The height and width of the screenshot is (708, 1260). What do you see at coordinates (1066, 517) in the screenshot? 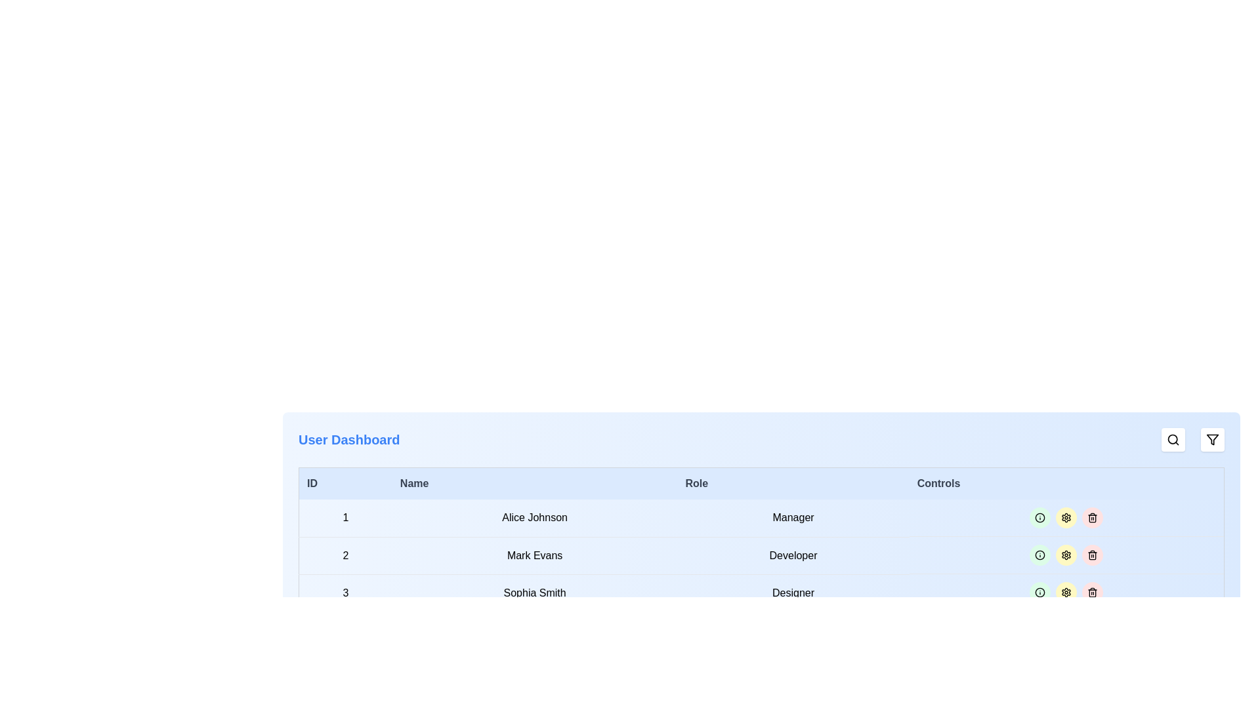
I see `the Settings icon (gear) located in the top-right of the user interface` at bounding box center [1066, 517].